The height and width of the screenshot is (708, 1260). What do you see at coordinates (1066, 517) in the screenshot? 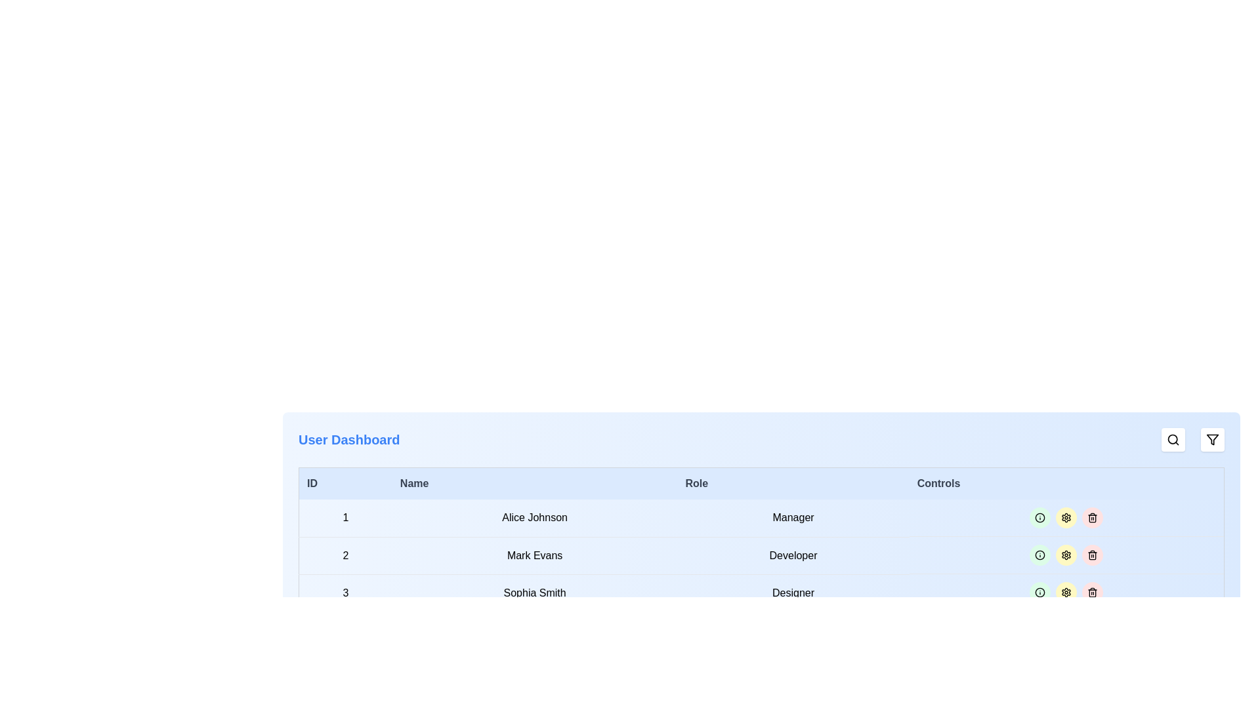
I see `the Settings icon (gear) located in the top-right of the user interface` at bounding box center [1066, 517].